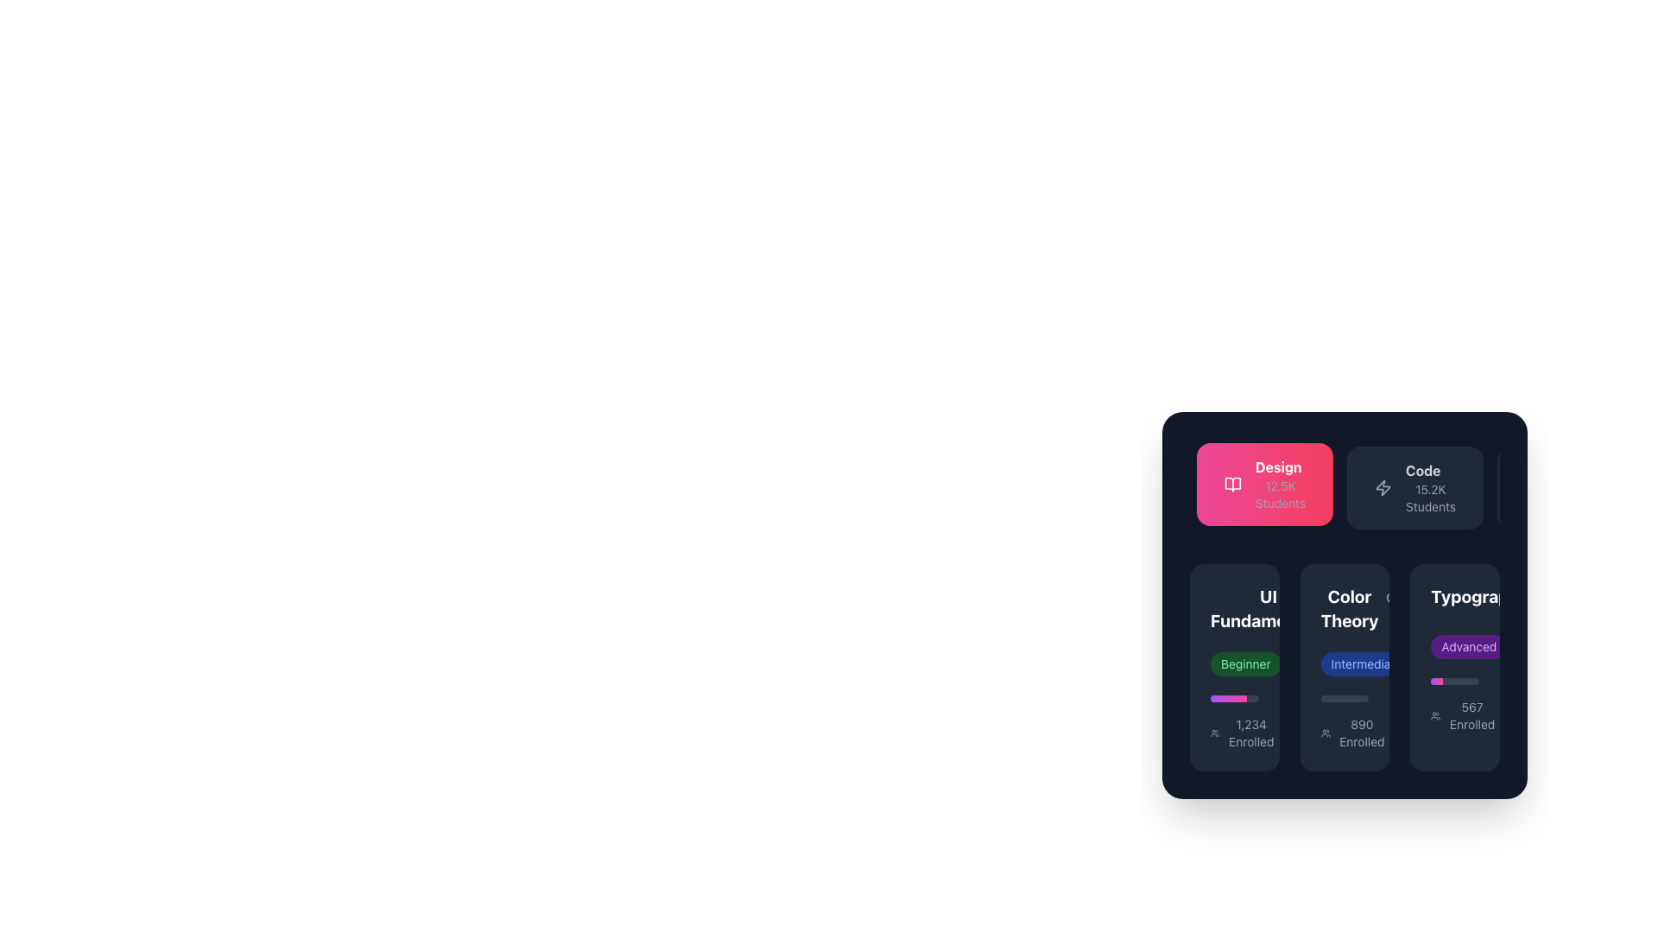  I want to click on the static text label displaying the number of participants in the course or event, located at the bottom-center of the second card in the second row of the grid layout, below the 'Intermediate' label and grouped with a users icon, so click(1361, 733).